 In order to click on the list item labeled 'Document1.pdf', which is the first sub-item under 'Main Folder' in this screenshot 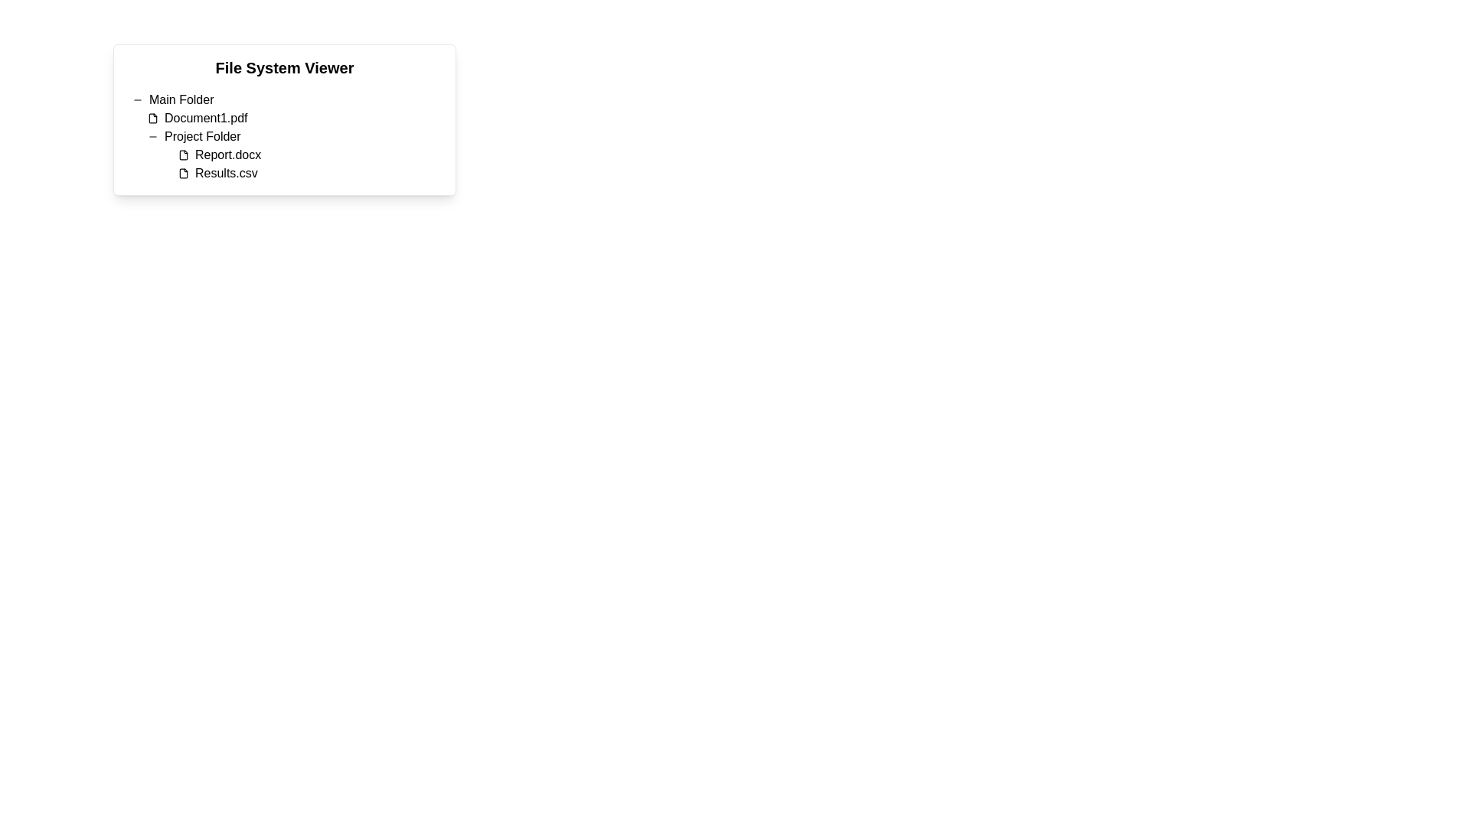, I will do `click(292, 117)`.